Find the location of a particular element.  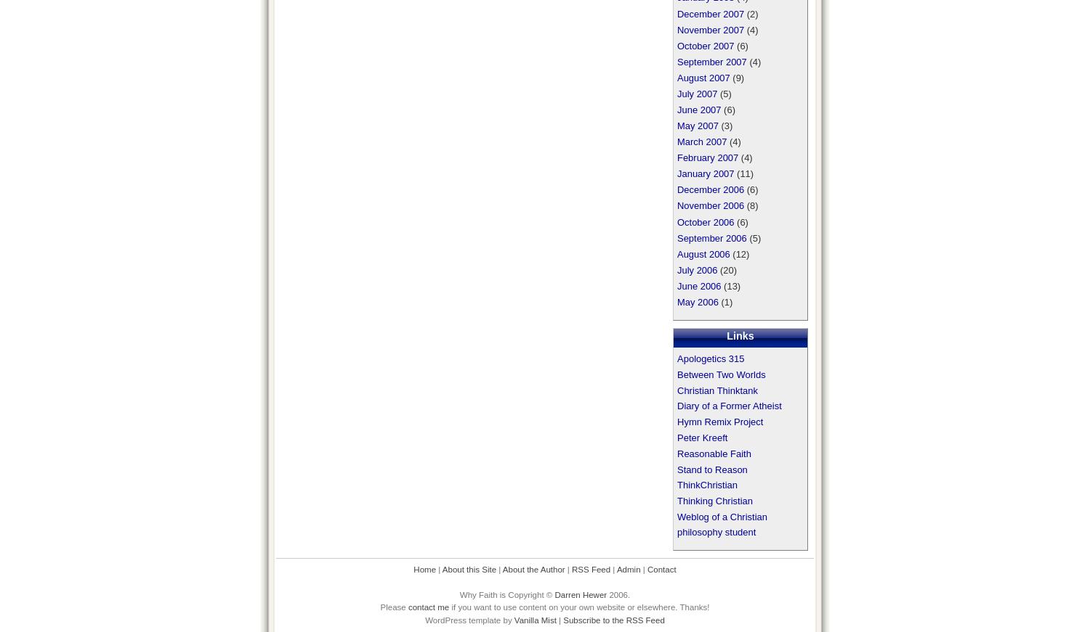

'About the Author' is located at coordinates (532, 570).